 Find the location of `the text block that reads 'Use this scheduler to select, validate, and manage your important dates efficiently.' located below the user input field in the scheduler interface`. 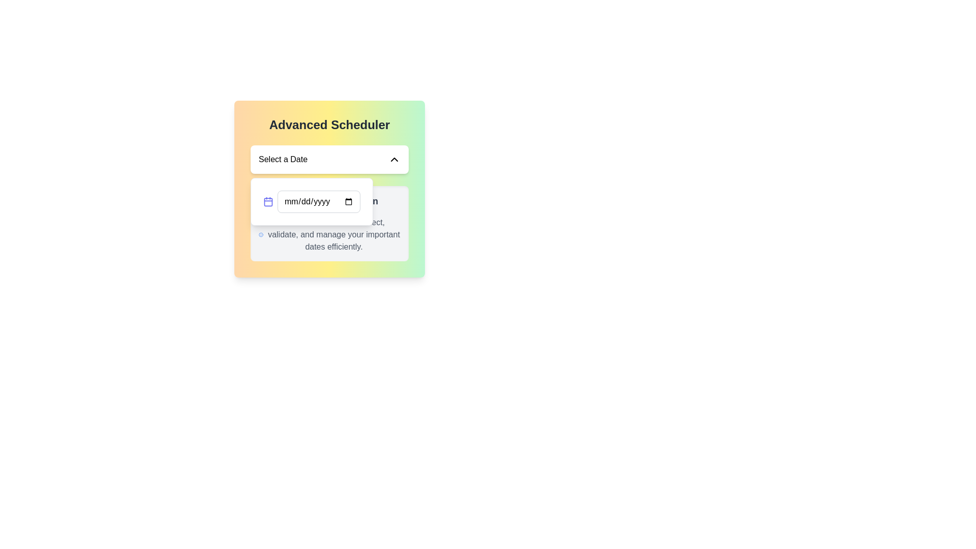

the text block that reads 'Use this scheduler to select, validate, and manage your important dates efficiently.' located below the user input field in the scheduler interface is located at coordinates (334, 235).